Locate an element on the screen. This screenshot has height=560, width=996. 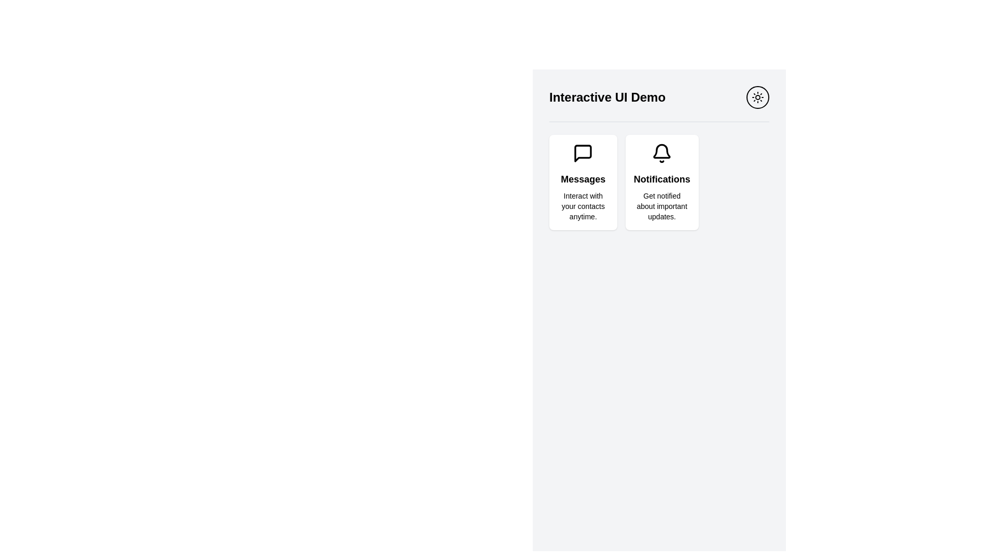
the Header bar that displays the title of the interface and an icon, located at the top of the interface above 'Messages' and 'Notifications' is located at coordinates (659, 104).